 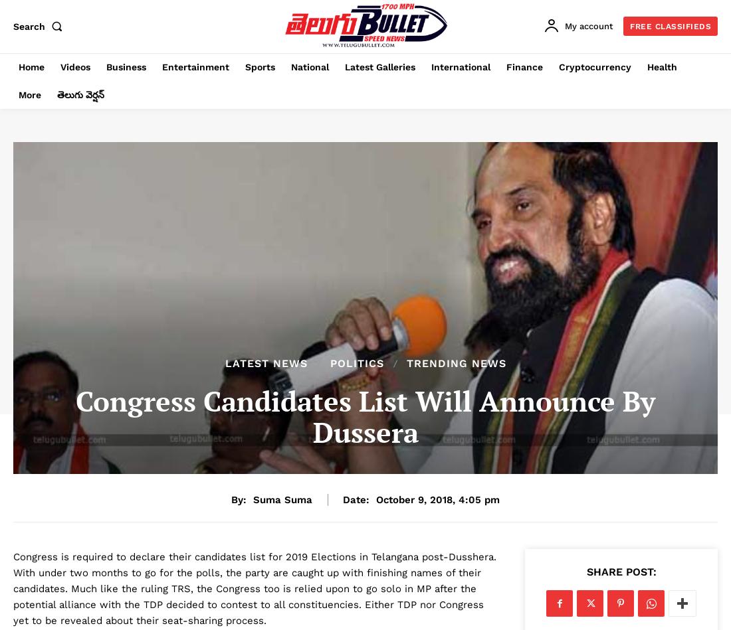 What do you see at coordinates (13, 588) in the screenshot?
I see `'Congress is required to declare their candidates list for 2019 Elections in Telangana post-Dusshera. With under two months to go for the polls, the party are caught up with finishing names of their candidates. Much like the ruling TRS, the Congress too is relied upon to go solo in MP after the potential alliance with the TDP decided to contest to all constituencies. Either TDP nor Congress yet to be revealed about their seat-sharing process.'` at bounding box center [13, 588].